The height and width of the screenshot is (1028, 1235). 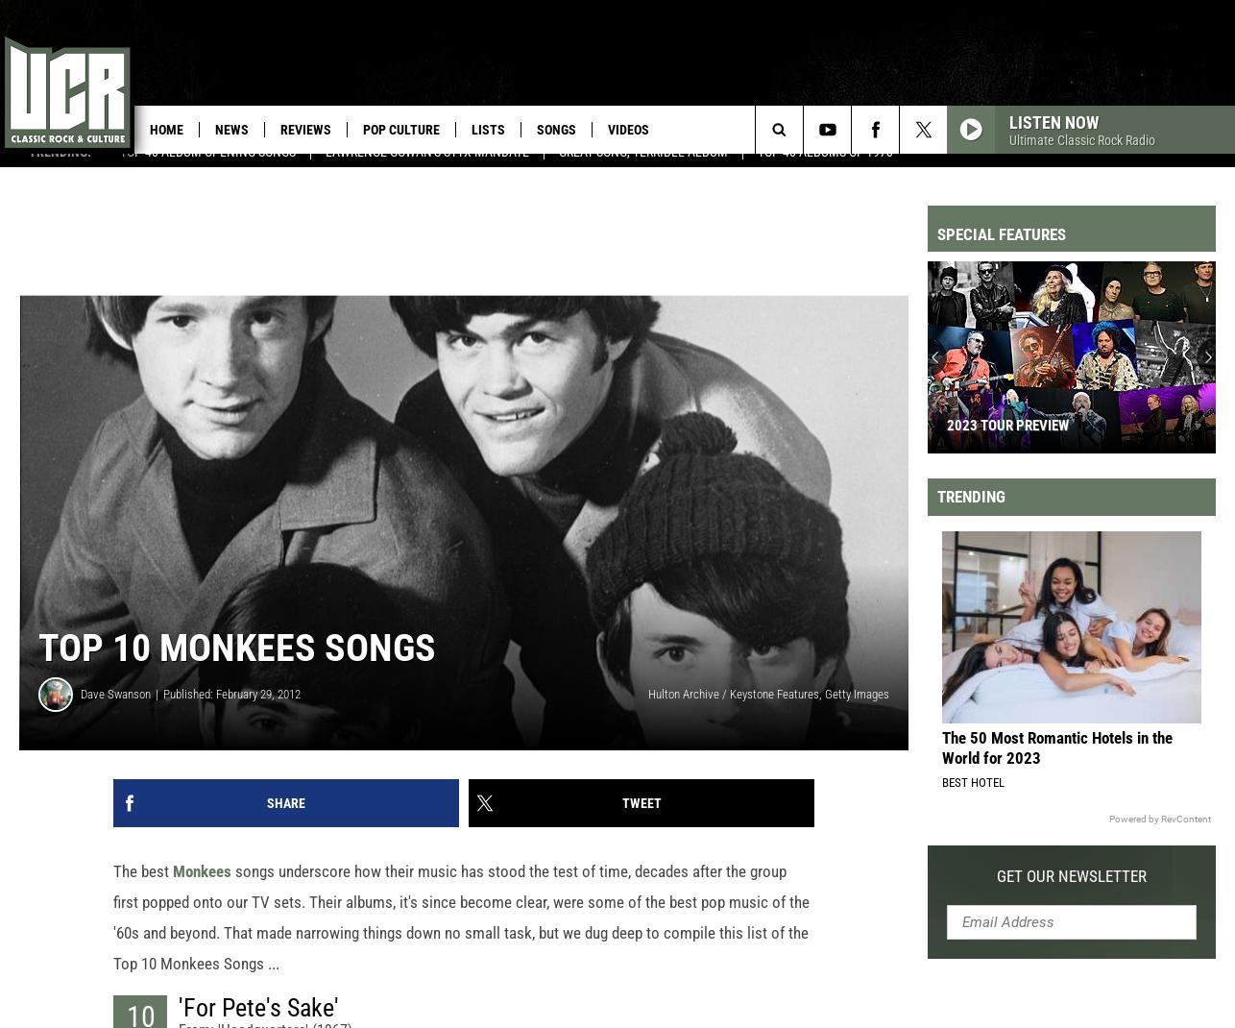 What do you see at coordinates (460, 933) in the screenshot?
I see `'songs underscore how their music has stood the test of time, decades after the group first popped onto our TV sets. Their albums, it's since become clear, were some of the best pop music of the '60s and beyond. That made narrowing things down no small task, but we dug deep to compile this list of the Top 10 Monkees Songs ...'` at bounding box center [460, 933].